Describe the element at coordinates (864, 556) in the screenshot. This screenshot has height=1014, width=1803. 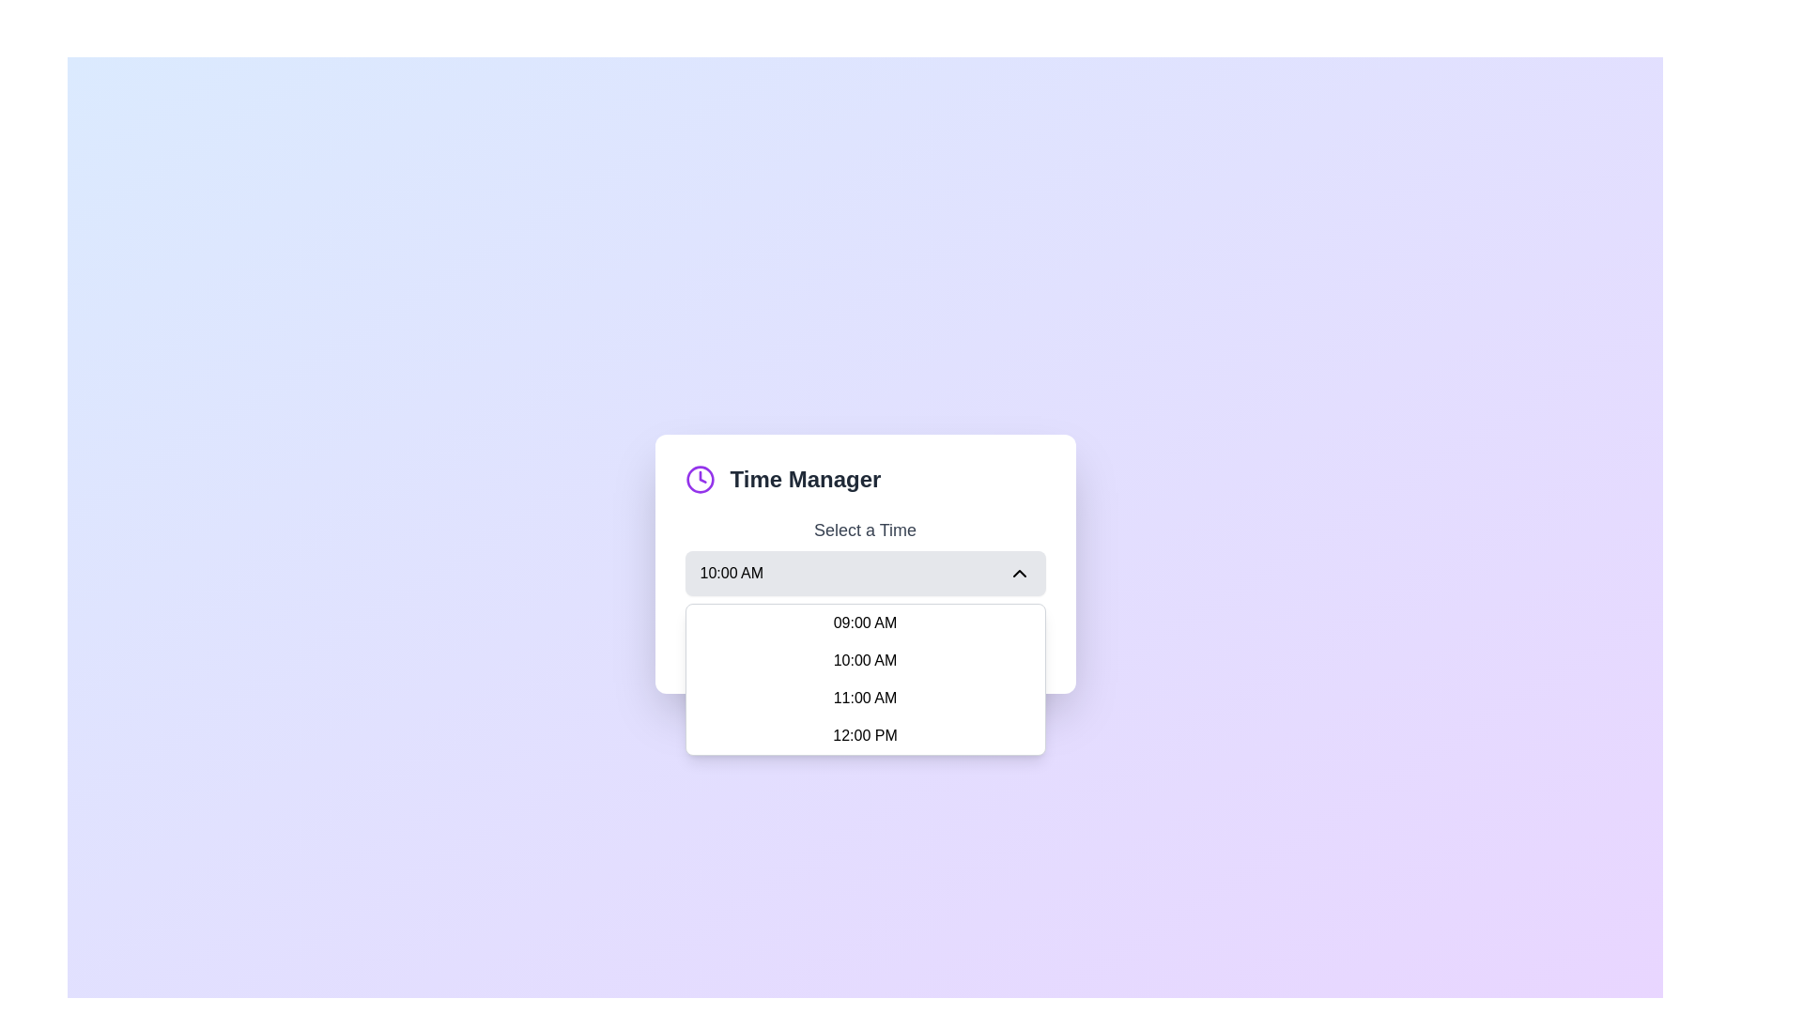
I see `a time option from the dropdown menu labeled 'Select a Time' located in the 'Time Manager' card` at that location.